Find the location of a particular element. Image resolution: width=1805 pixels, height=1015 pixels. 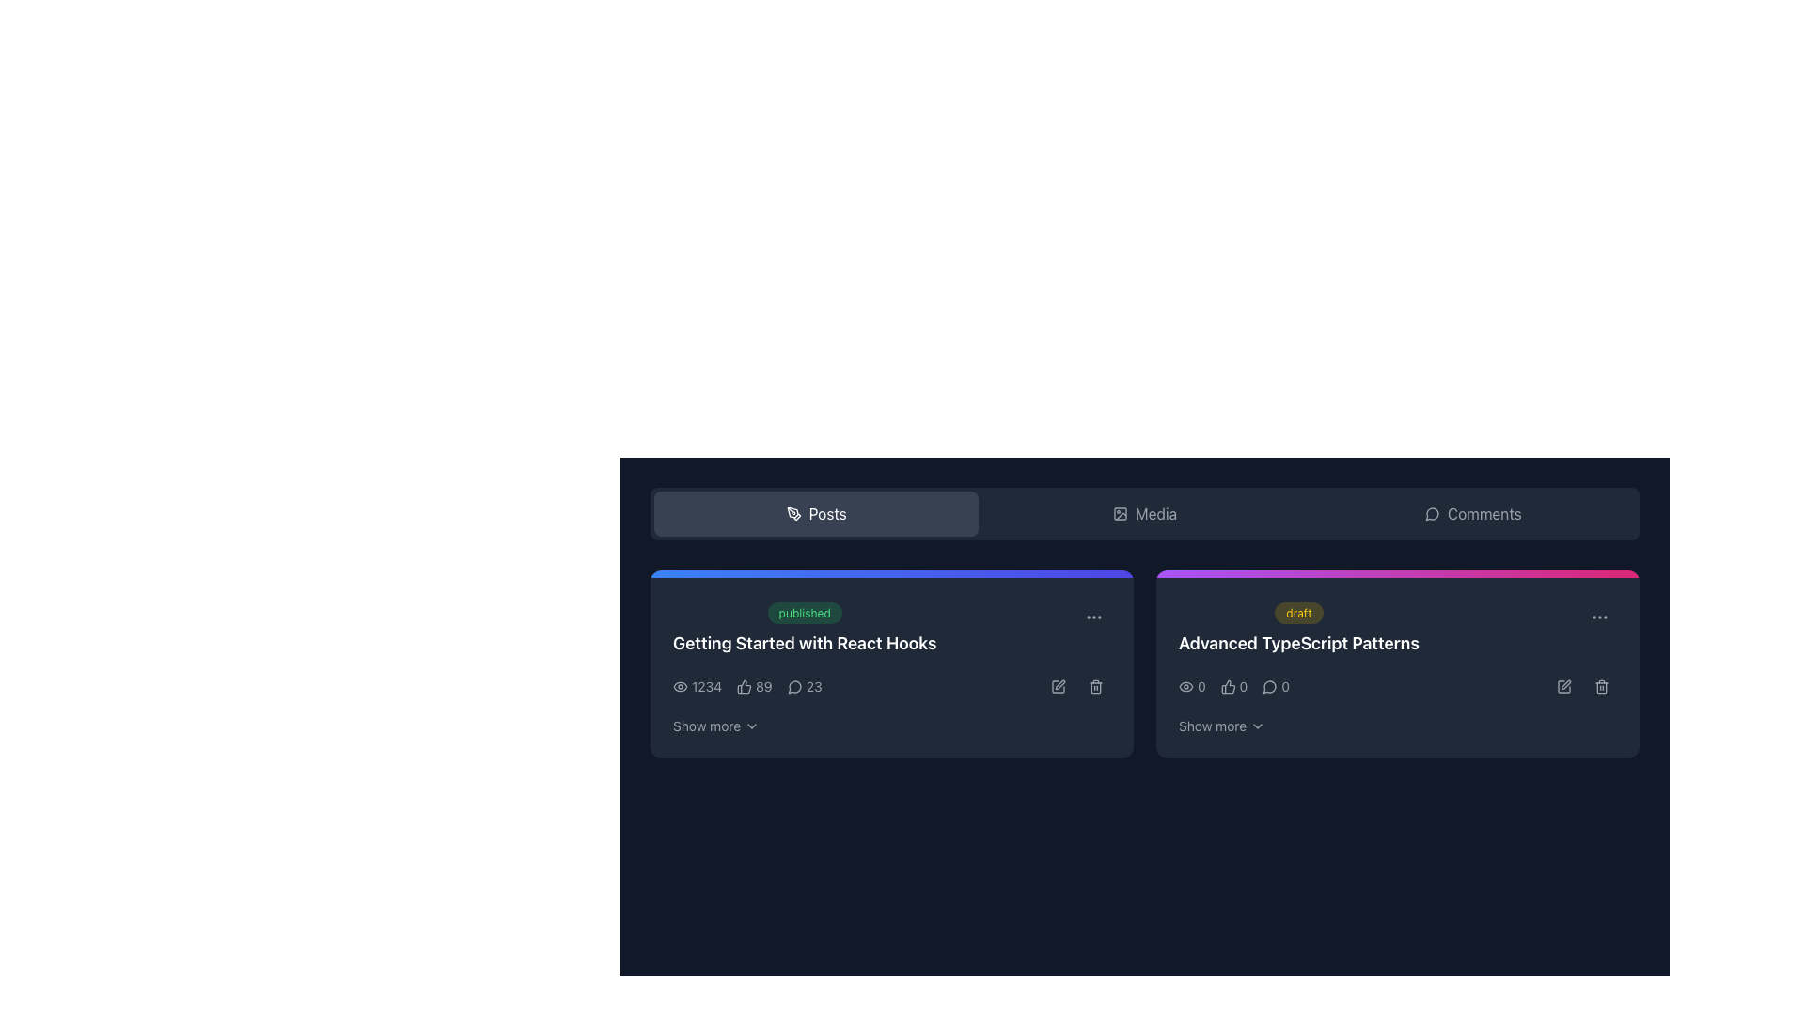

the pen tool icon located to the left of the 'Posts' label on the dark rectangular button in the navigation bar is located at coordinates (793, 514).